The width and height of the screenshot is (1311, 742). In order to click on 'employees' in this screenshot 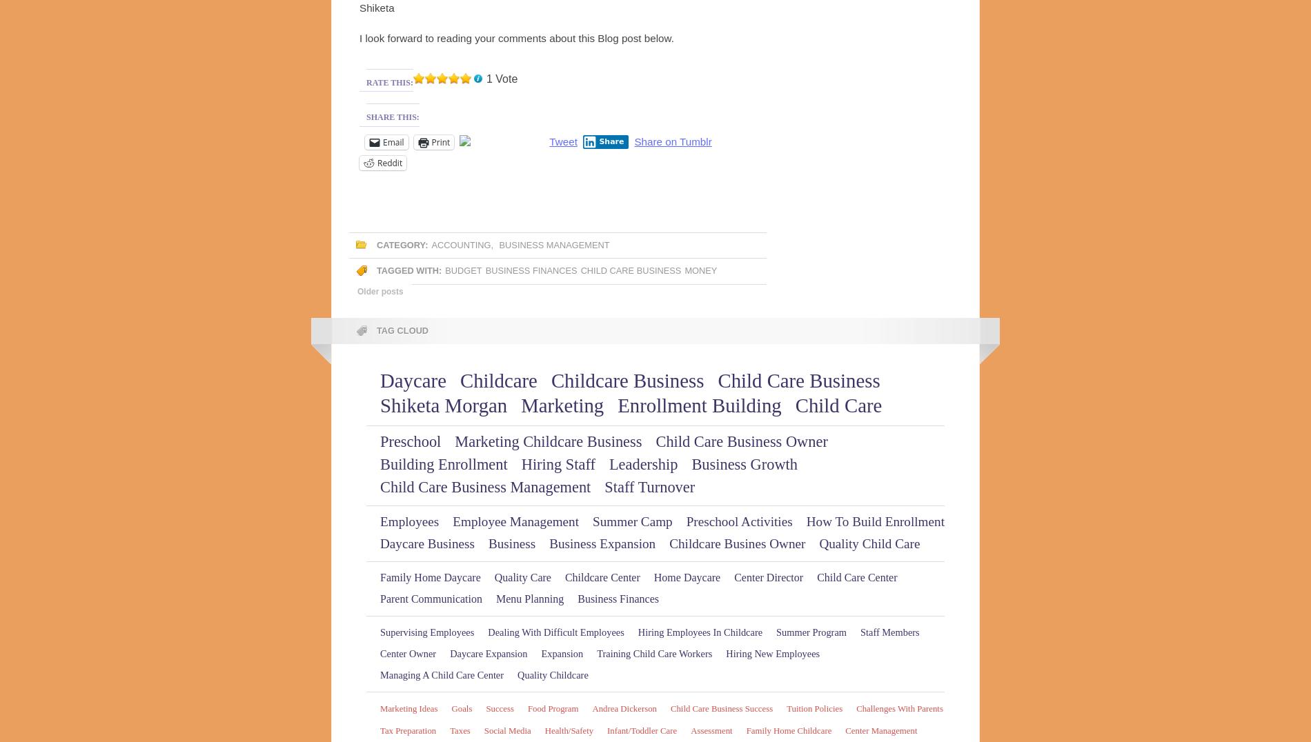, I will do `click(409, 520)`.